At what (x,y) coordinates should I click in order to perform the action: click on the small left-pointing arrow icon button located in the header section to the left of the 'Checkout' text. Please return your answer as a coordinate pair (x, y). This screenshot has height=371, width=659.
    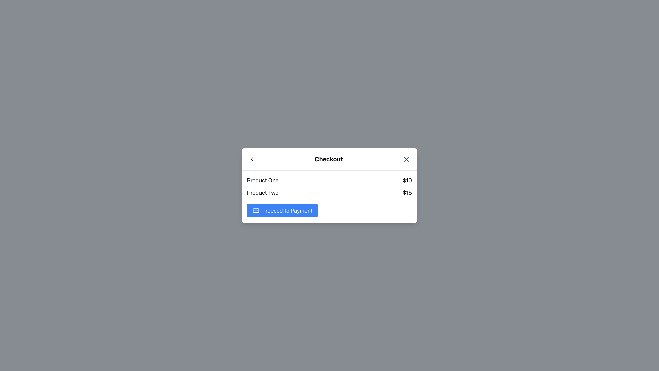
    Looking at the image, I should click on (252, 159).